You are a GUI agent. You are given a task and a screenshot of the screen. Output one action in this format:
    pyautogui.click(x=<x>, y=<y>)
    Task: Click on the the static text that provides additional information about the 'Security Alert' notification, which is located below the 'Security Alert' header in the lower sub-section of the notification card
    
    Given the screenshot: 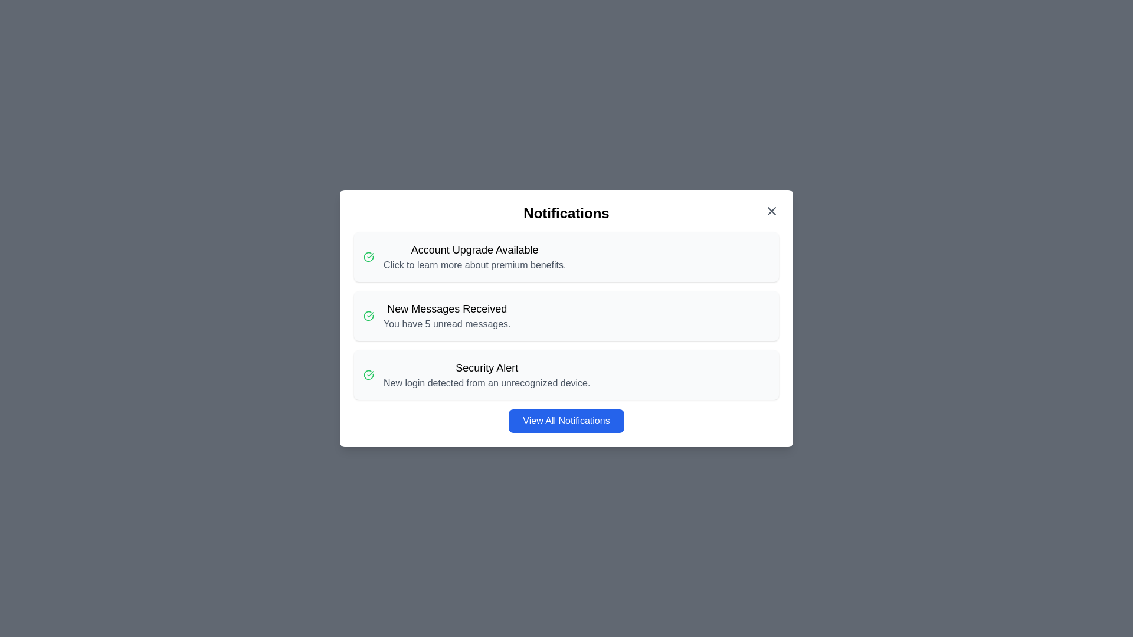 What is the action you would take?
    pyautogui.click(x=487, y=383)
    